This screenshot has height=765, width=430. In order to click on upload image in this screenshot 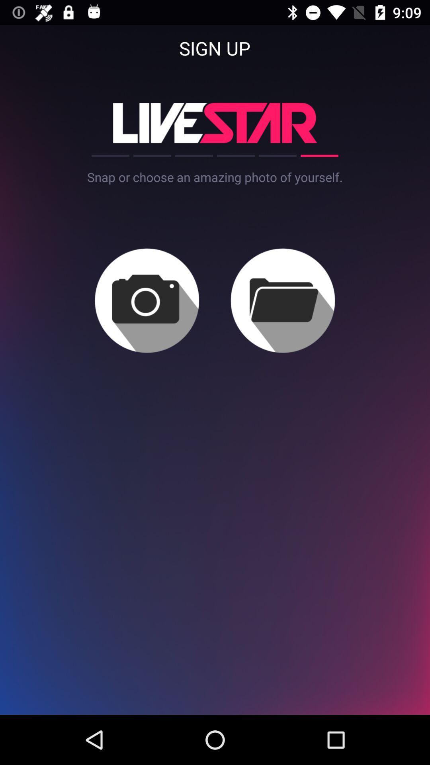, I will do `click(147, 300)`.